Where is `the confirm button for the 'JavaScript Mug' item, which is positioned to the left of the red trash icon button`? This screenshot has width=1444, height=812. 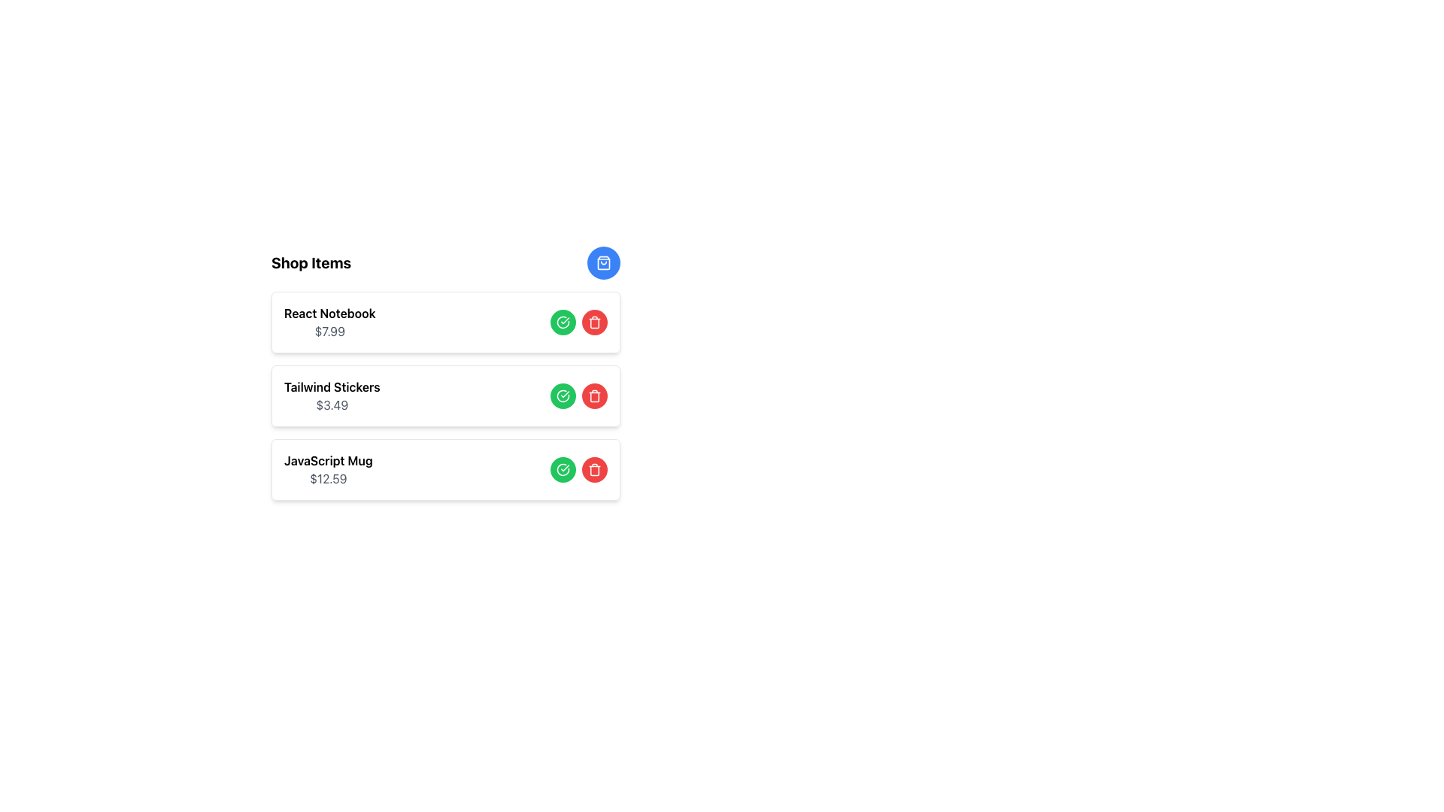
the confirm button for the 'JavaScript Mug' item, which is positioned to the left of the red trash icon button is located at coordinates (562, 468).